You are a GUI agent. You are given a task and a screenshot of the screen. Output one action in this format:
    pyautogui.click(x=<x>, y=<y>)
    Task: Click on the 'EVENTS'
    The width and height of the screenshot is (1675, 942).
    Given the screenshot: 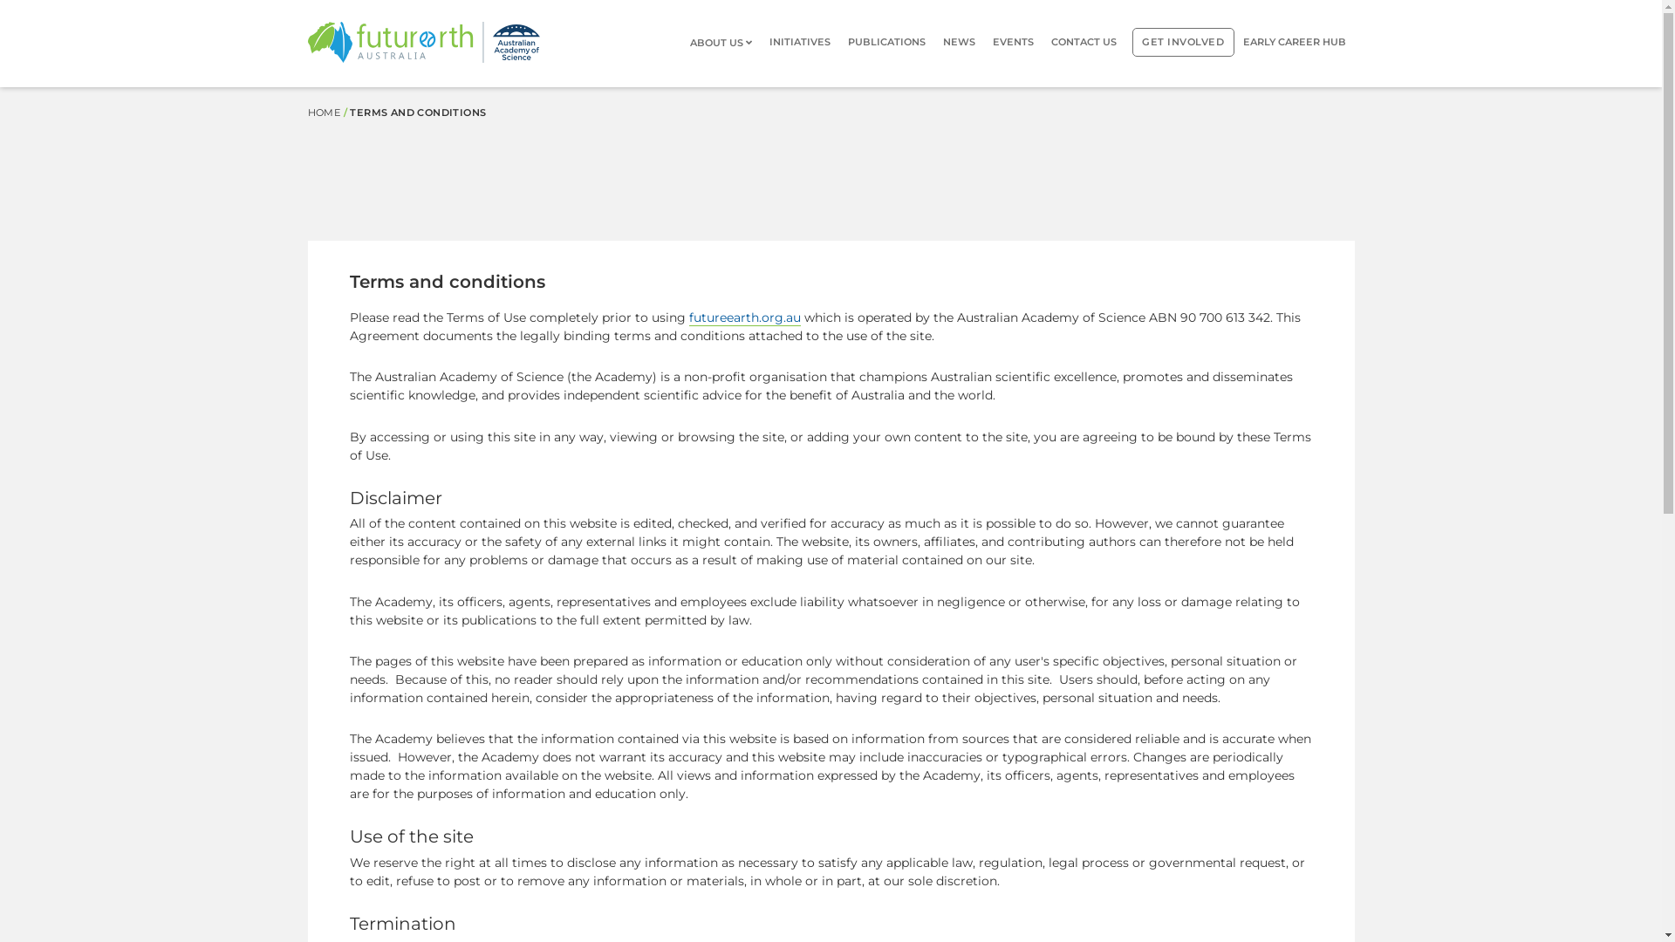 What is the action you would take?
    pyautogui.click(x=1013, y=41)
    